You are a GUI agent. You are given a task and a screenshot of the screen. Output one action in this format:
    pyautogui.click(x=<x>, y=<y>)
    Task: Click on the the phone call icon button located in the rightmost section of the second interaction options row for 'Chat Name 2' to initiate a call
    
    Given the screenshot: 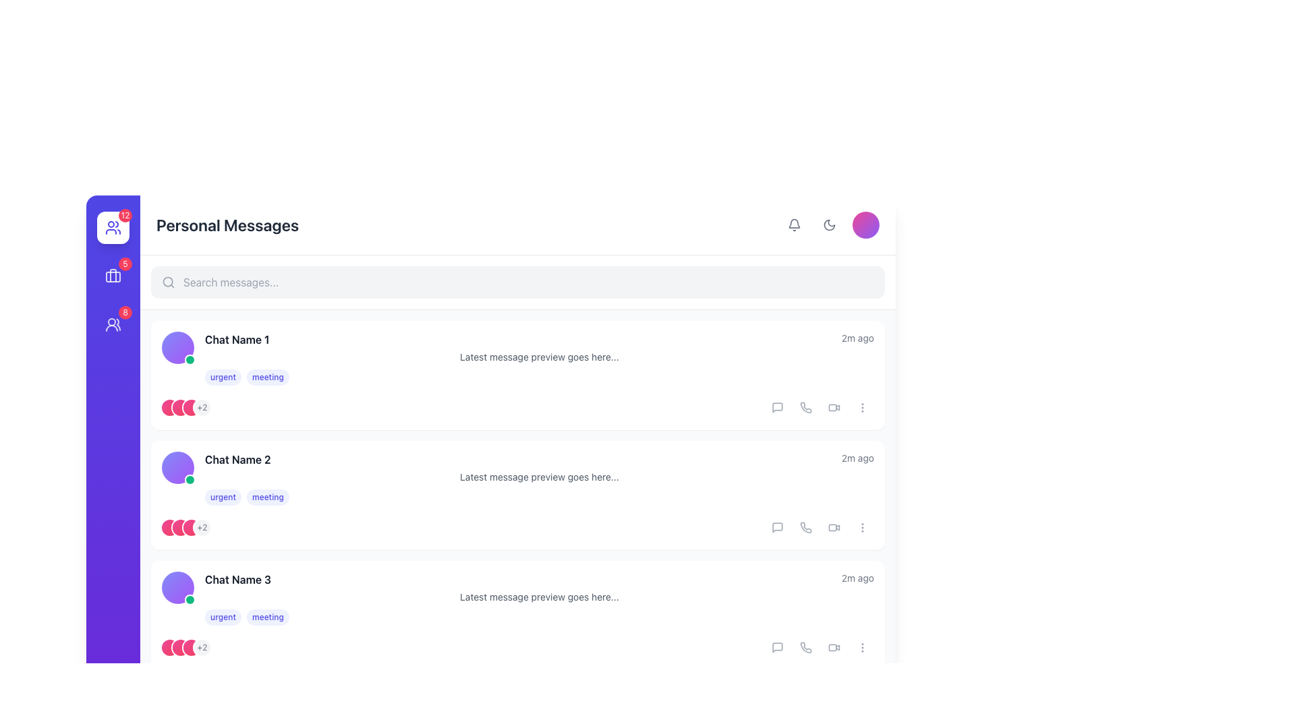 What is the action you would take?
    pyautogui.click(x=806, y=527)
    